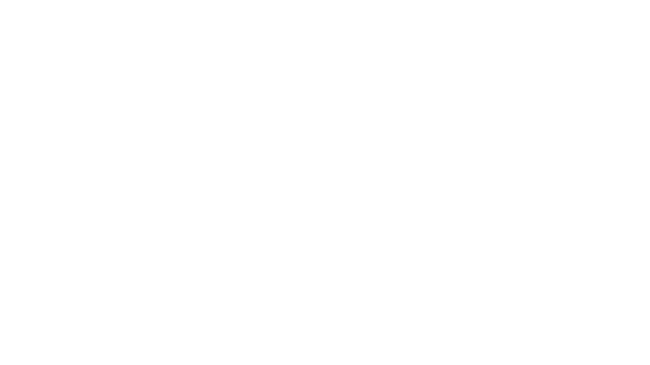 This screenshot has height=365, width=650. Describe the element at coordinates (118, 82) in the screenshot. I see `Javiera P. Jara-Diaz` at that location.